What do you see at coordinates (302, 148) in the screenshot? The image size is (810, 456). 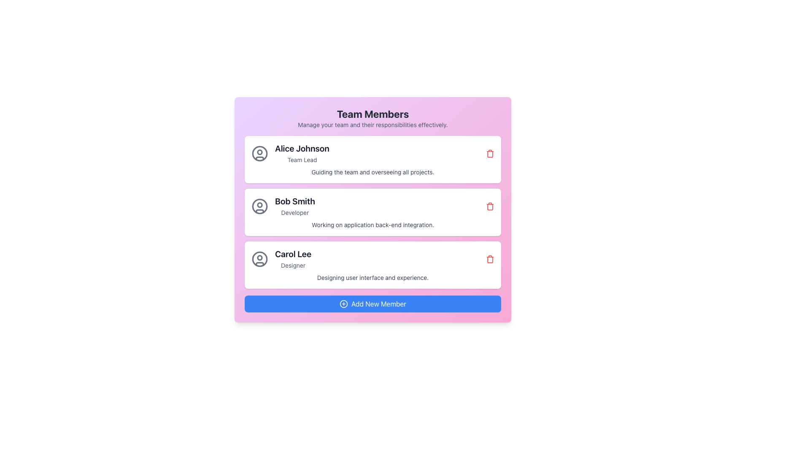 I see `text label displaying 'Alice Johnson', which indicates the identity of the team member listed in the card` at bounding box center [302, 148].